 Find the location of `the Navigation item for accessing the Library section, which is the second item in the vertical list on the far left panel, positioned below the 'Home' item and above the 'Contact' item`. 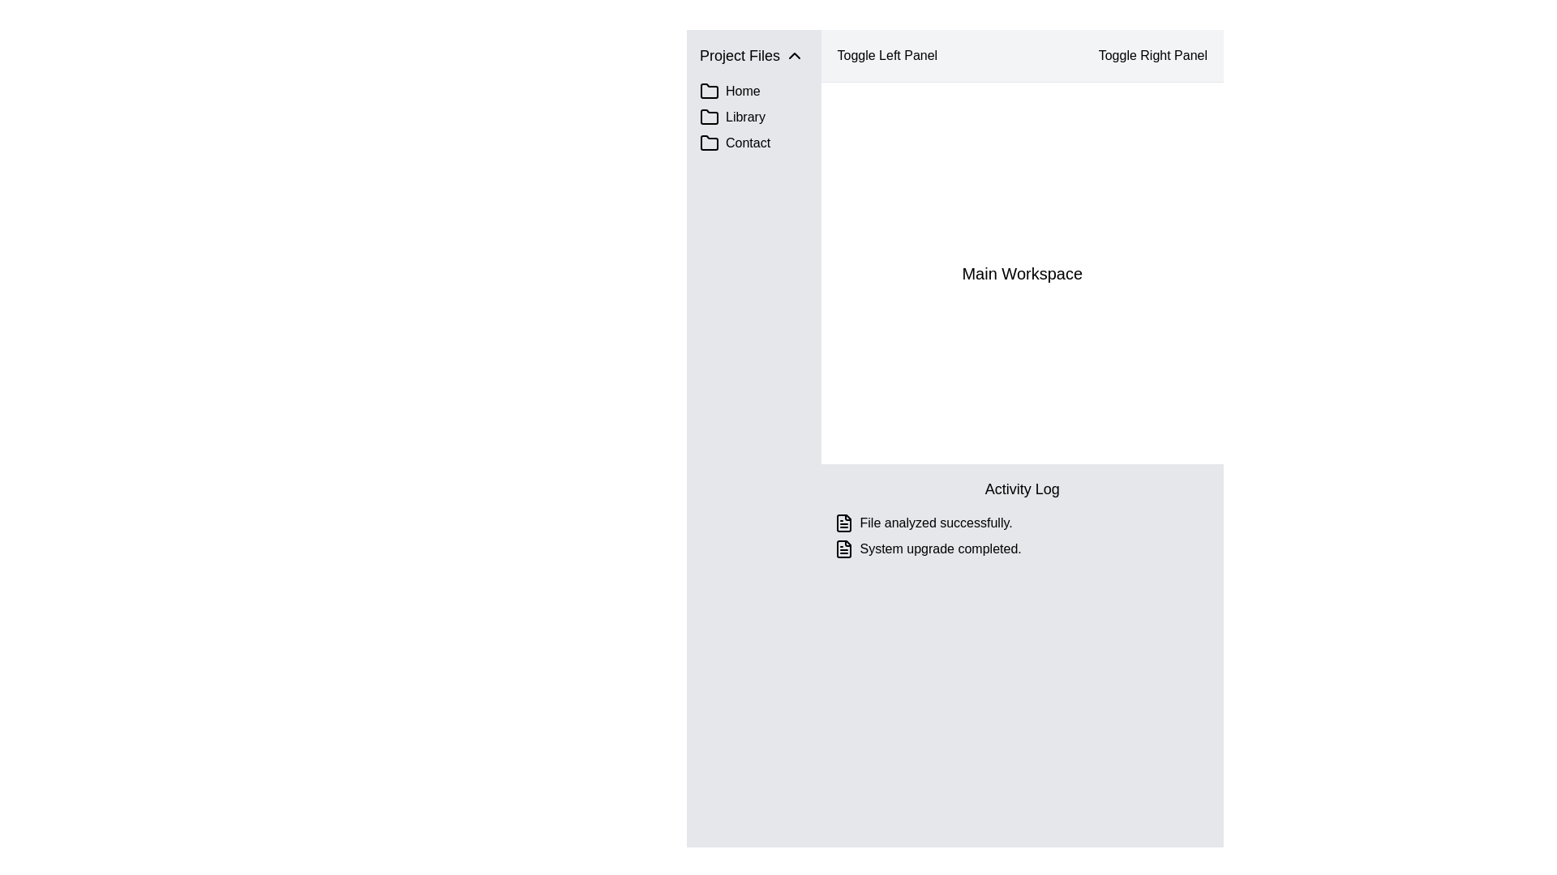

the Navigation item for accessing the Library section, which is the second item in the vertical list on the far left panel, positioned below the 'Home' item and above the 'Contact' item is located at coordinates (753, 117).